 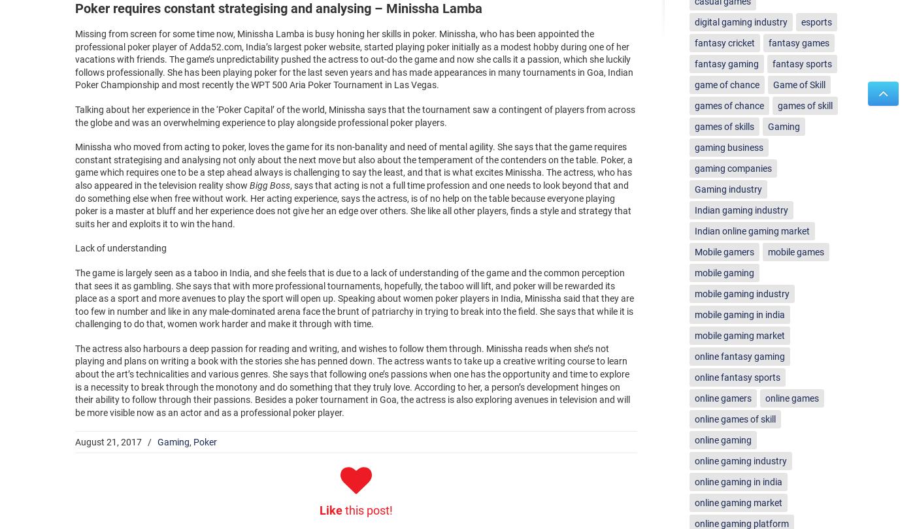 What do you see at coordinates (120, 247) in the screenshot?
I see `'Lack of understanding'` at bounding box center [120, 247].